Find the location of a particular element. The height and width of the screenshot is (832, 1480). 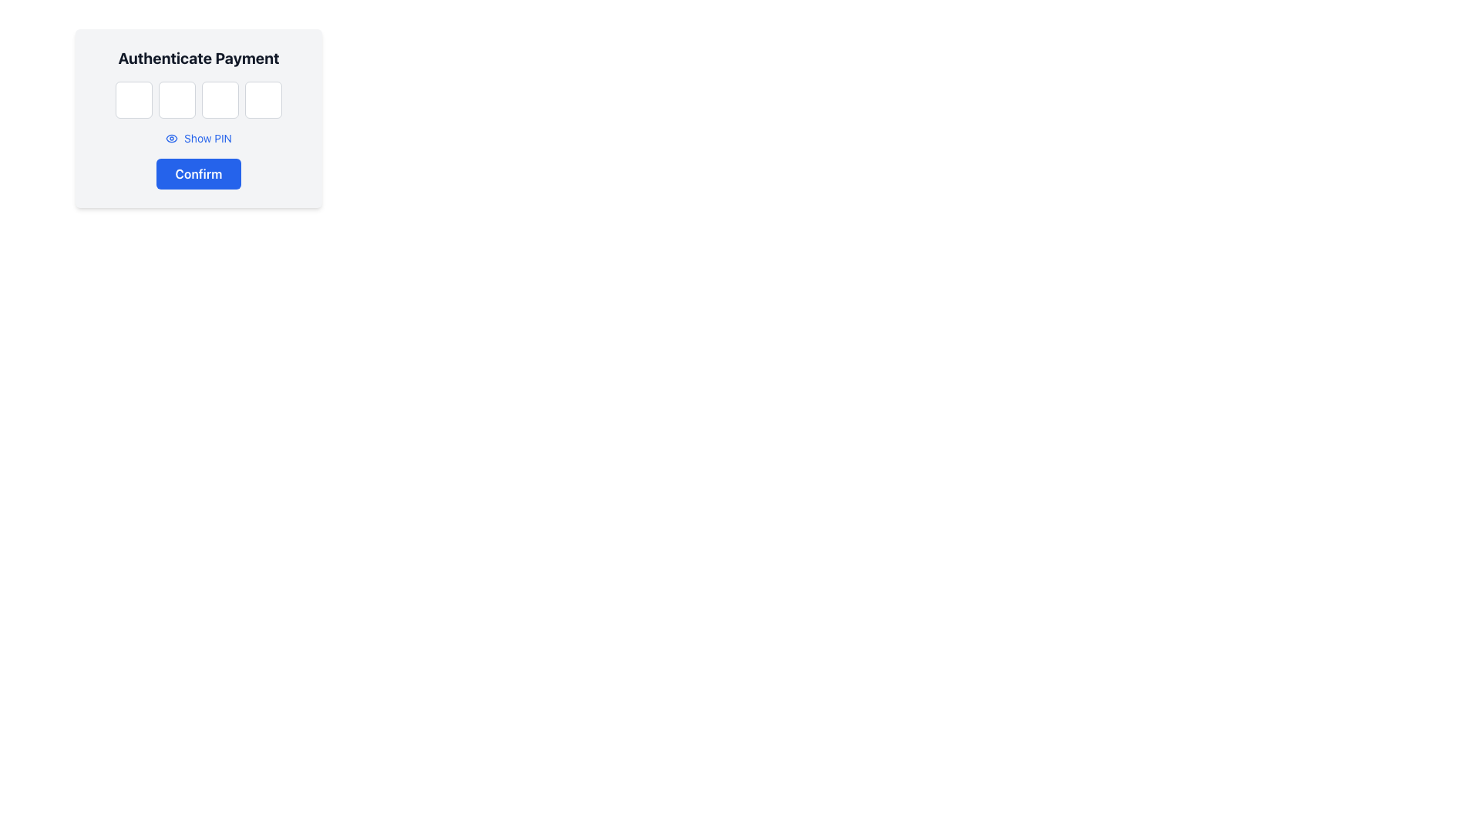

the toggle link for PIN visibility is located at coordinates (198, 139).